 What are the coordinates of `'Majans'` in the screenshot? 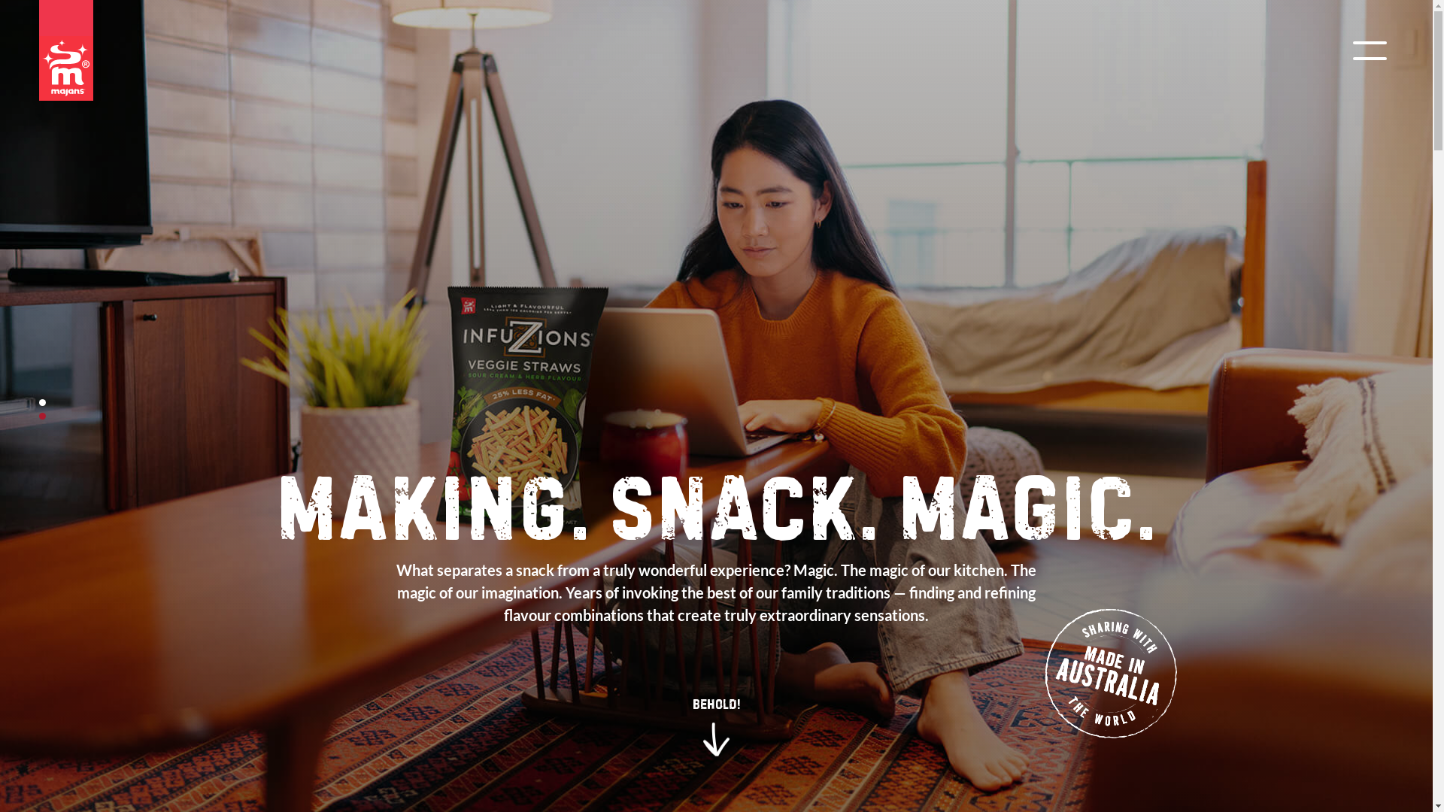 It's located at (65, 49).